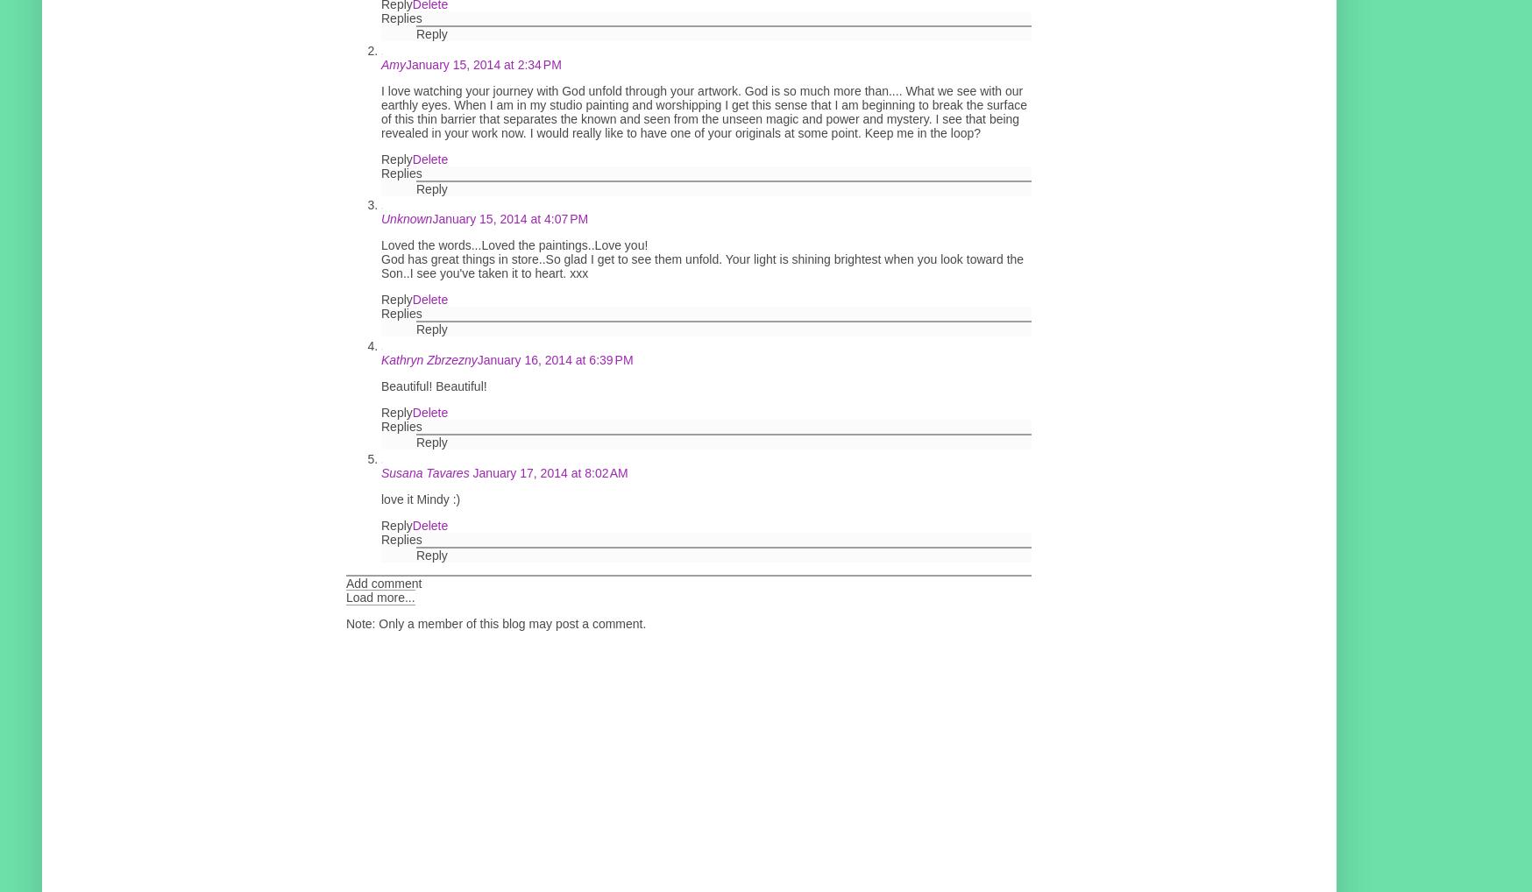 Image resolution: width=1532 pixels, height=892 pixels. Describe the element at coordinates (701, 265) in the screenshot. I see `'God has great things in store..So glad I get to see them unfold. Your light is shining brightest when you look toward the Son..I see you've taken it to heart. xxx'` at that location.